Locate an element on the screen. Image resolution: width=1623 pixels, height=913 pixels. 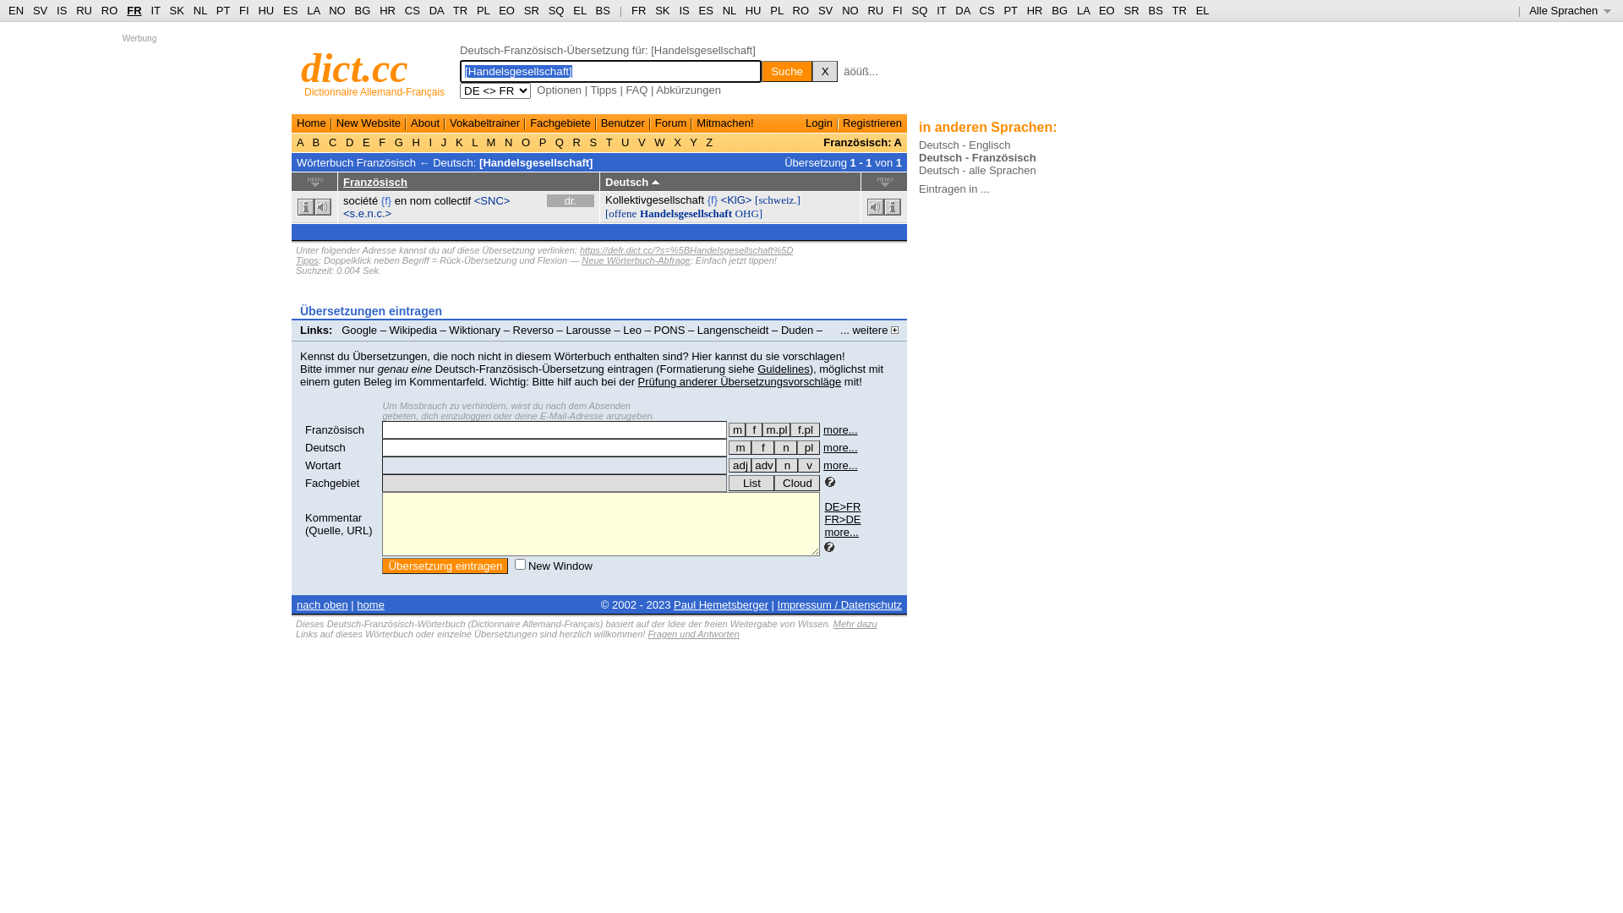
'RU' is located at coordinates (875, 10).